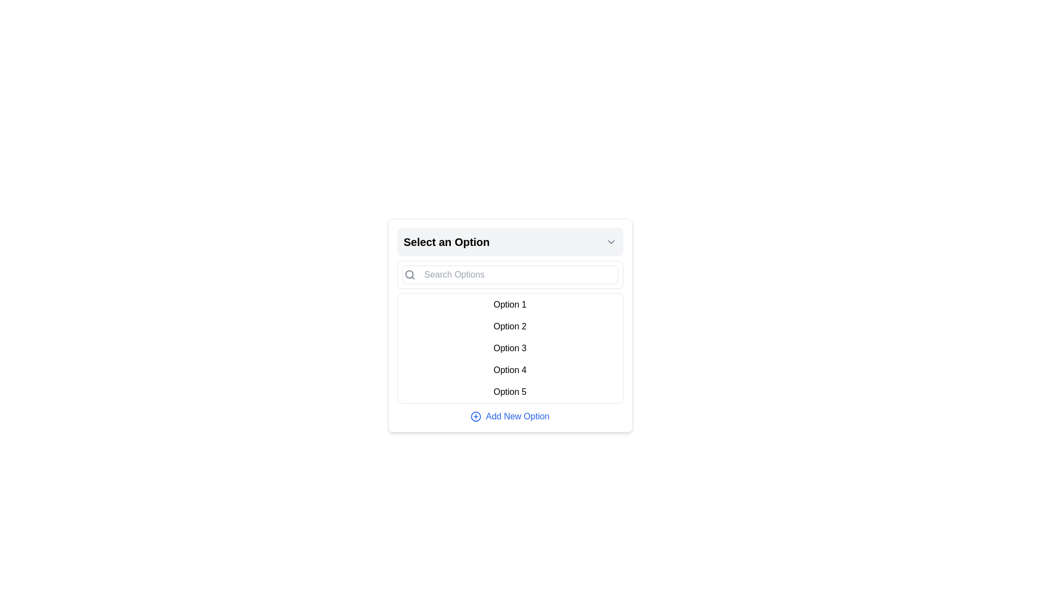 The image size is (1048, 589). Describe the element at coordinates (509, 369) in the screenshot. I see `the fourth item in the selectable list` at that location.